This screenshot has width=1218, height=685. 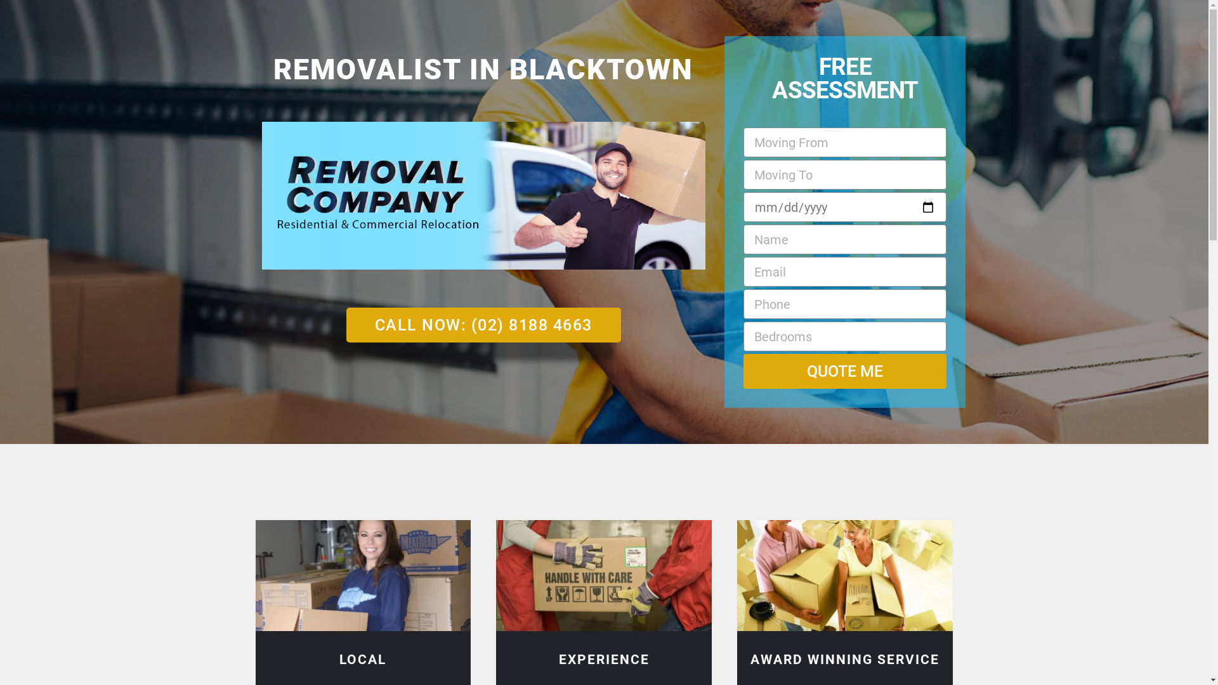 What do you see at coordinates (845, 371) in the screenshot?
I see `'QUOTE ME'` at bounding box center [845, 371].